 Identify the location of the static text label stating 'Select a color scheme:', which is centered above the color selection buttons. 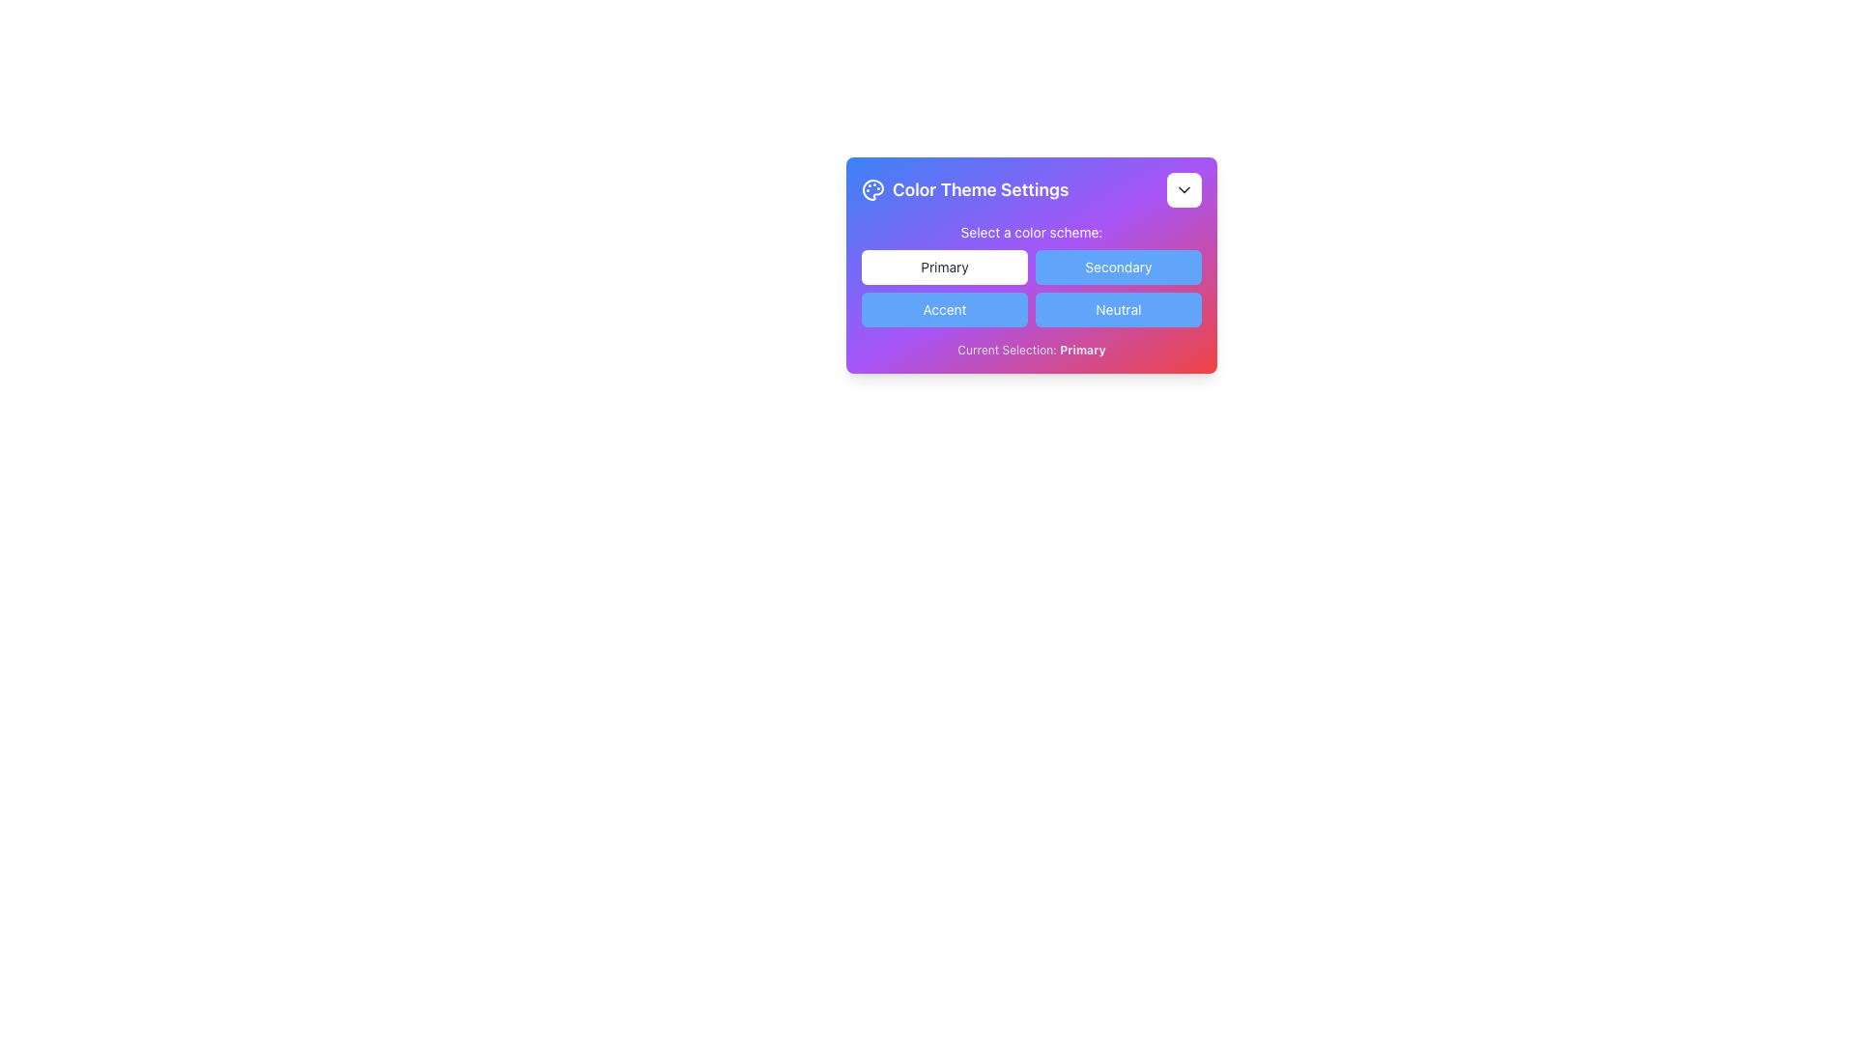
(1031, 231).